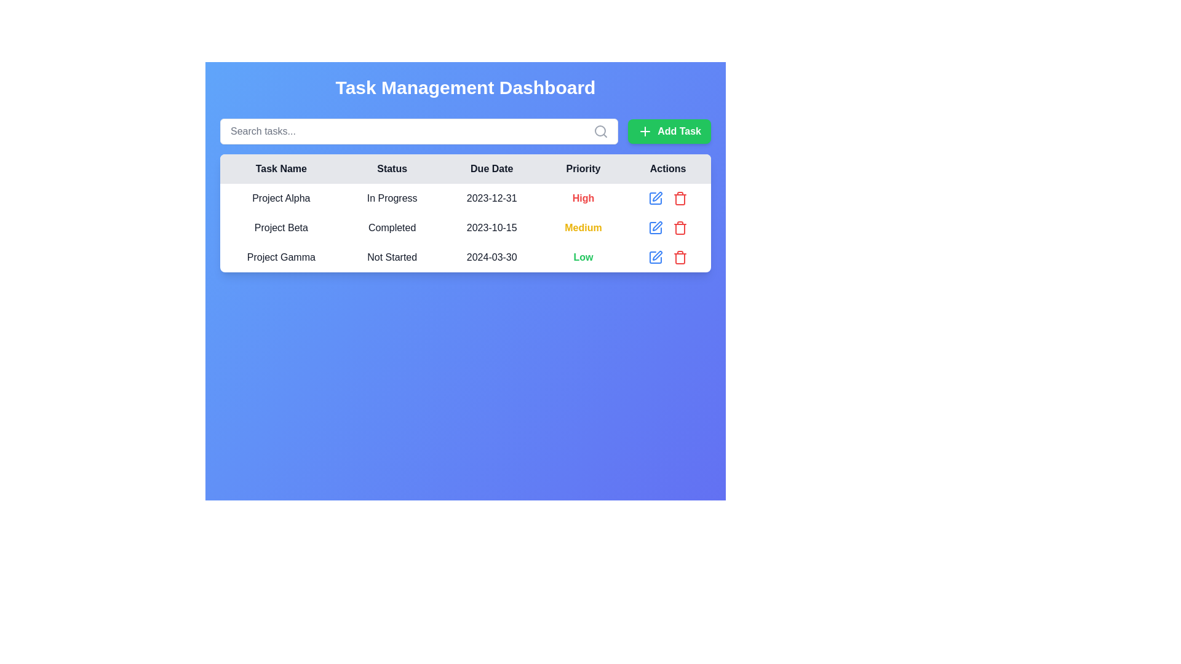 The width and height of the screenshot is (1181, 664). Describe the element at coordinates (419, 131) in the screenshot. I see `the selected text within the text input field that has rounded corners and a placeholder 'Search tasks...'` at that location.